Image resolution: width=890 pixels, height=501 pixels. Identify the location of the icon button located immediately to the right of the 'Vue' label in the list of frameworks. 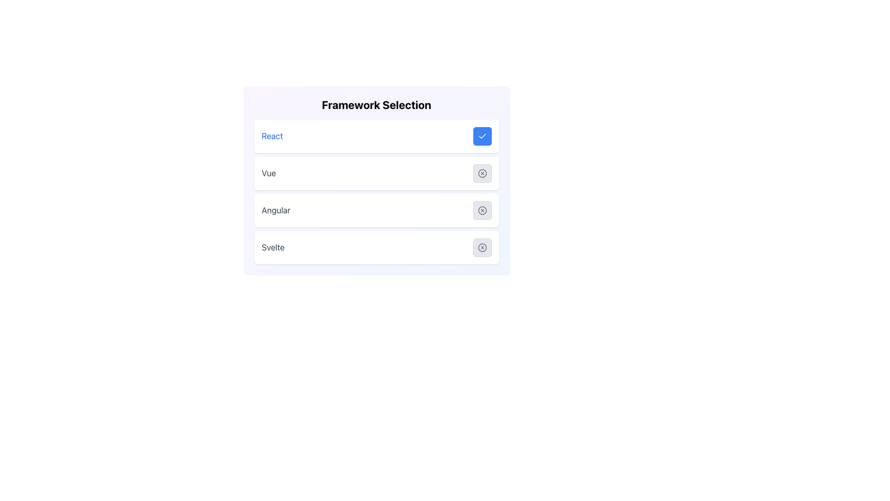
(482, 173).